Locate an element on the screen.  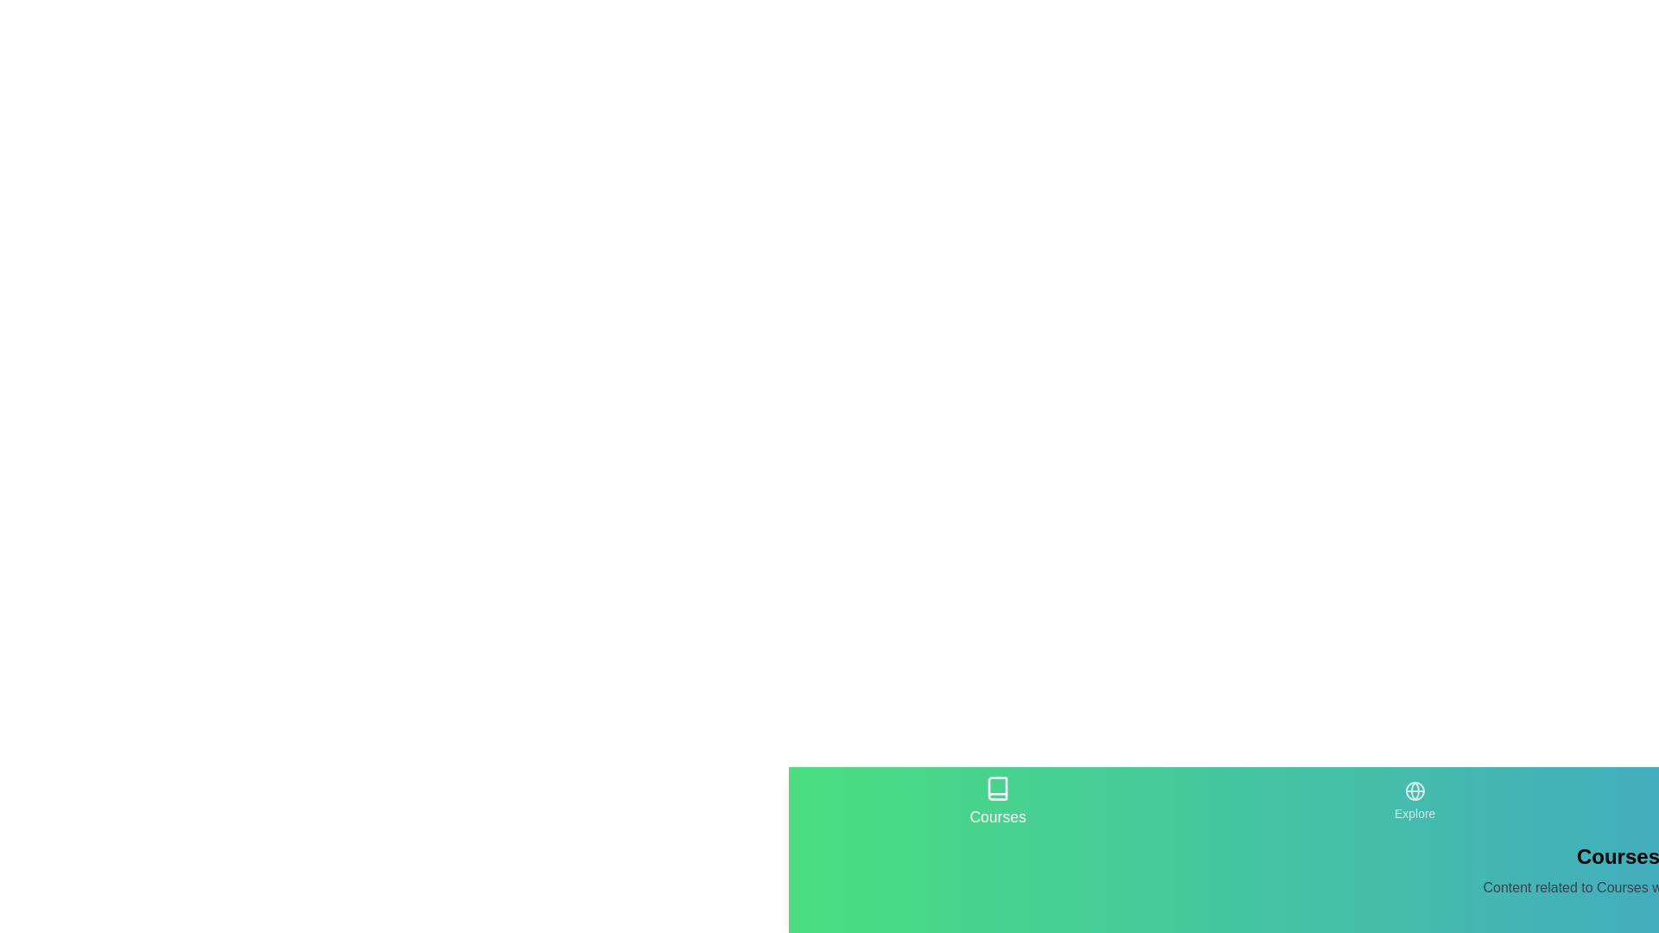
the Explore tab to observe its content is located at coordinates (1414, 802).